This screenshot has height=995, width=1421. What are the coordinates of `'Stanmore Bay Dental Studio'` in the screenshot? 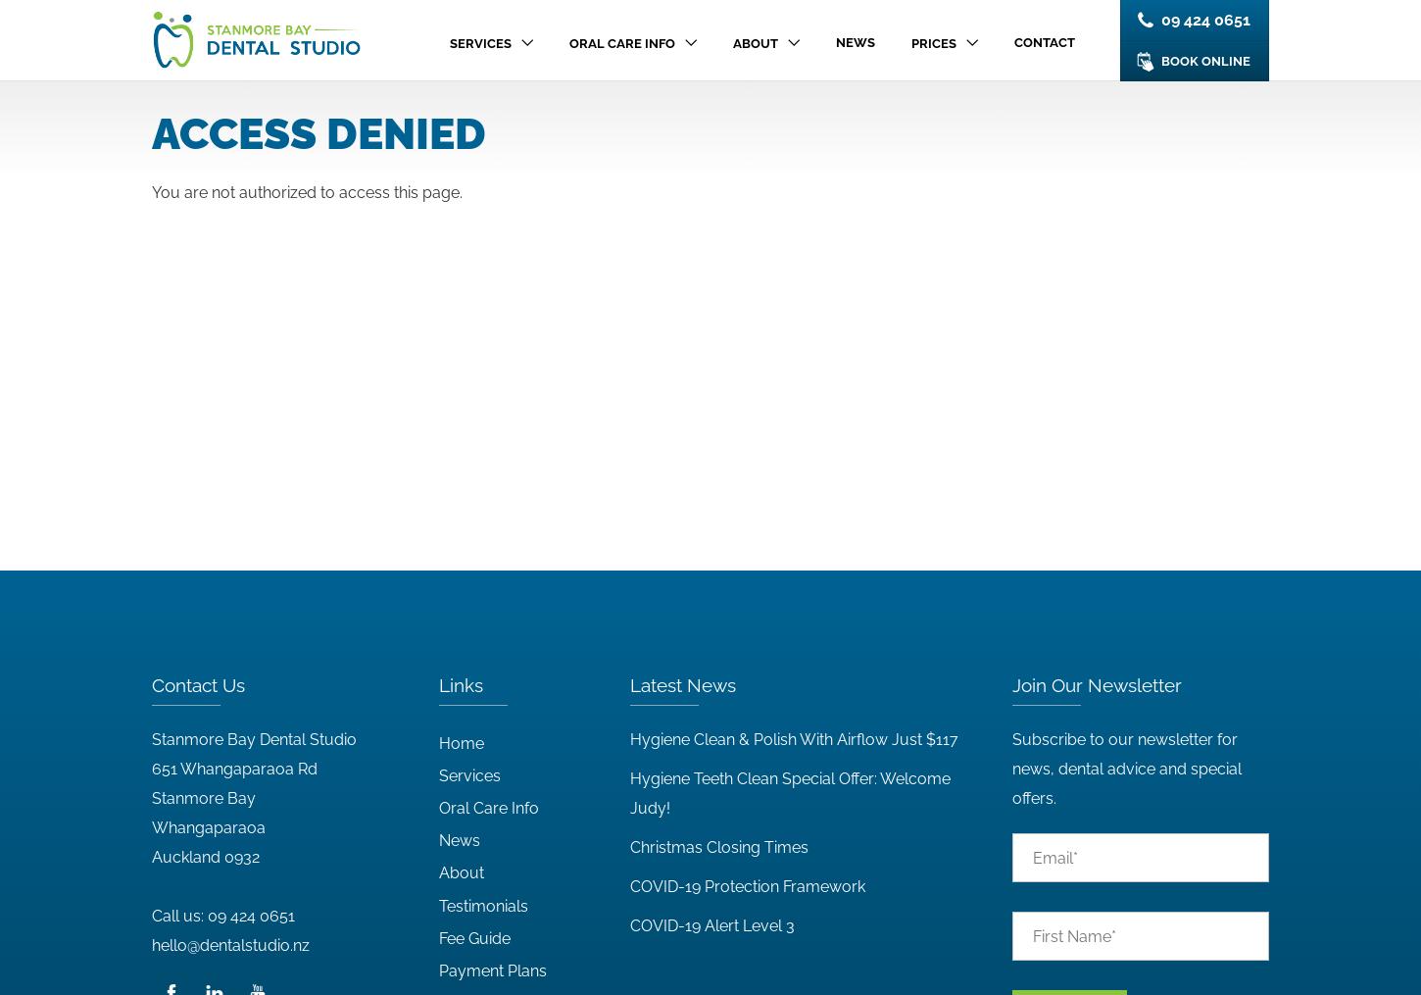 It's located at (151, 738).